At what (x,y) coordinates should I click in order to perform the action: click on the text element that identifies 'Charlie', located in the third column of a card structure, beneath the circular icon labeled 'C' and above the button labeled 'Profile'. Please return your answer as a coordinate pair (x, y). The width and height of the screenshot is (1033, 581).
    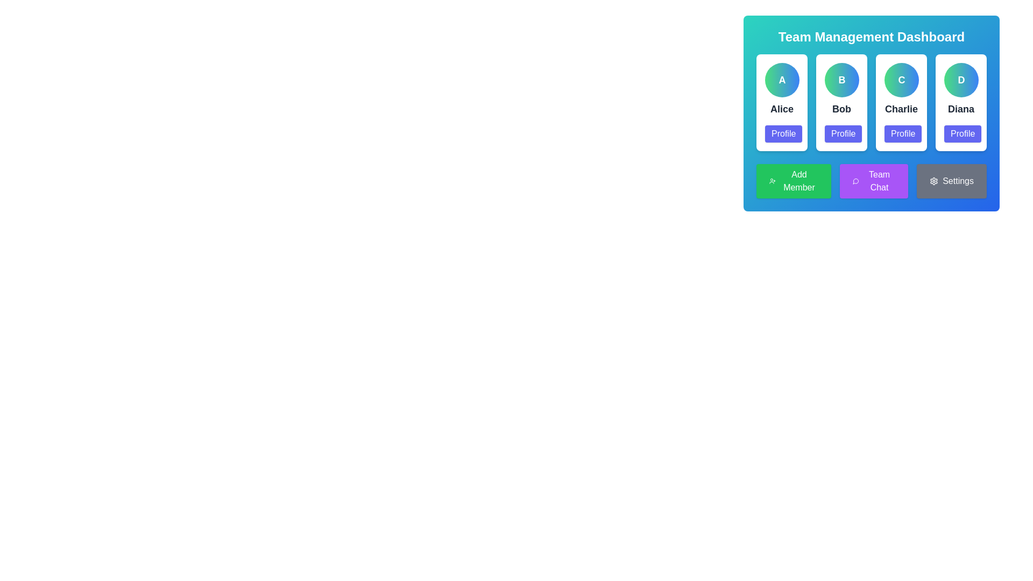
    Looking at the image, I should click on (901, 109).